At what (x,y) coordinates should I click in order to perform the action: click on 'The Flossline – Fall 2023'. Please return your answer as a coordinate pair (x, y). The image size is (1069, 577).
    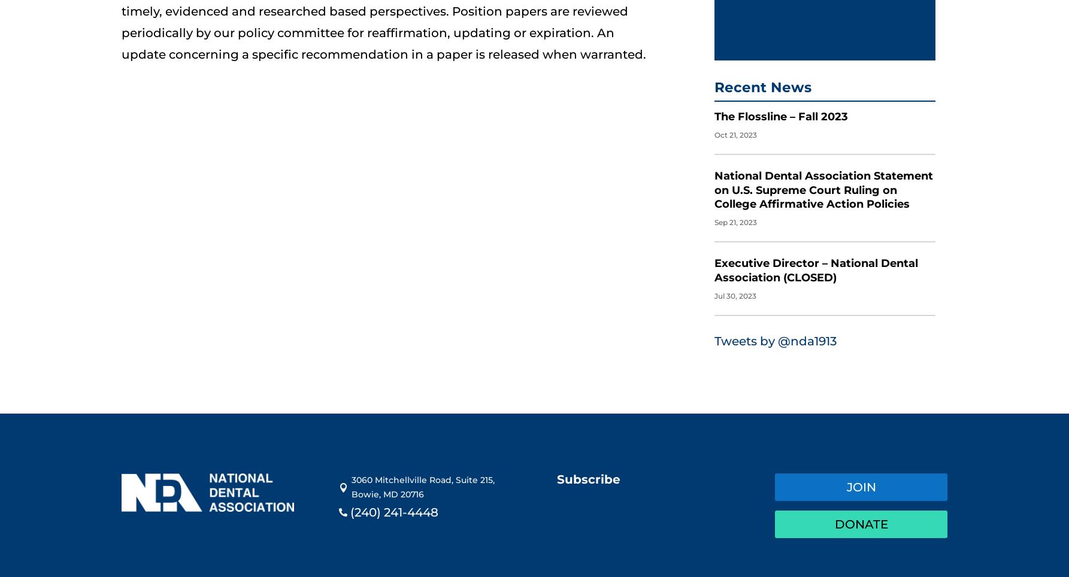
    Looking at the image, I should click on (781, 104).